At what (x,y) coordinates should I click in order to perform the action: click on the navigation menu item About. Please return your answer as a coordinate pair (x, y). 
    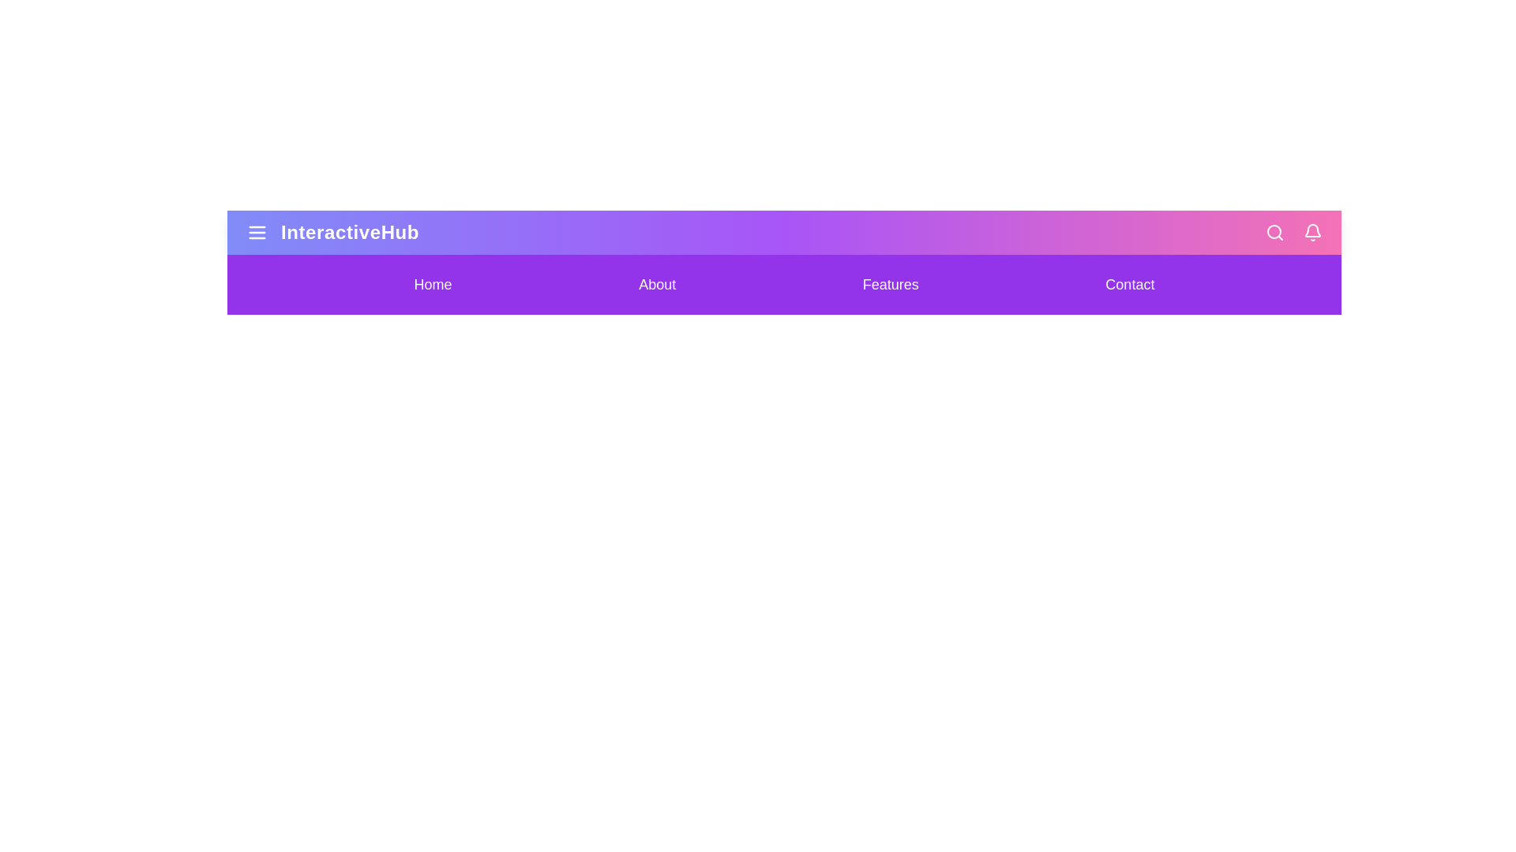
    Looking at the image, I should click on (657, 285).